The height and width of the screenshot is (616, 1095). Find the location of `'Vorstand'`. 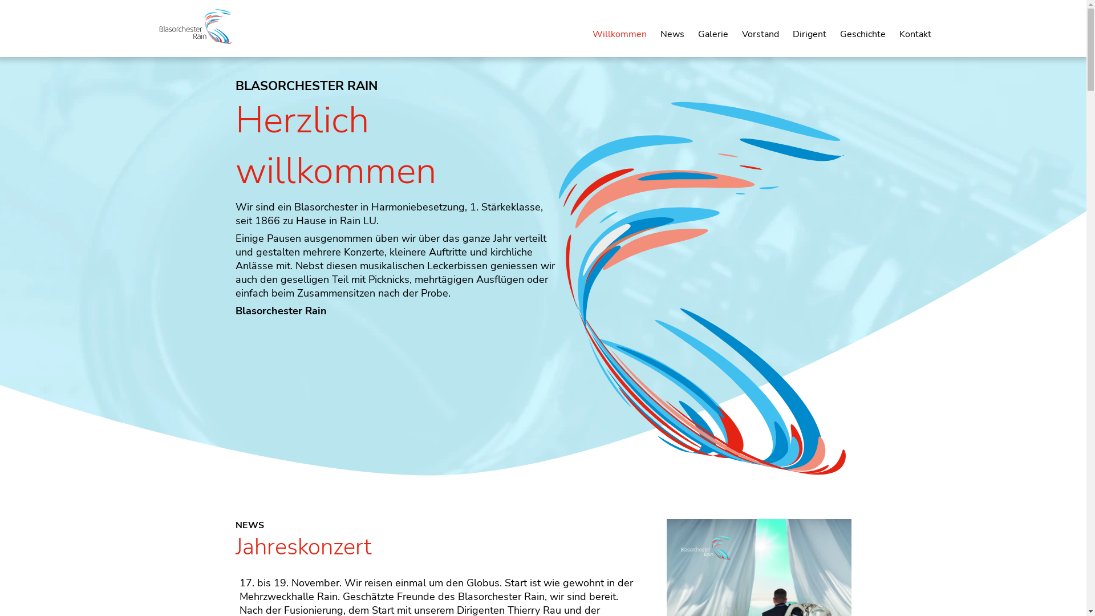

'Vorstand' is located at coordinates (760, 34).